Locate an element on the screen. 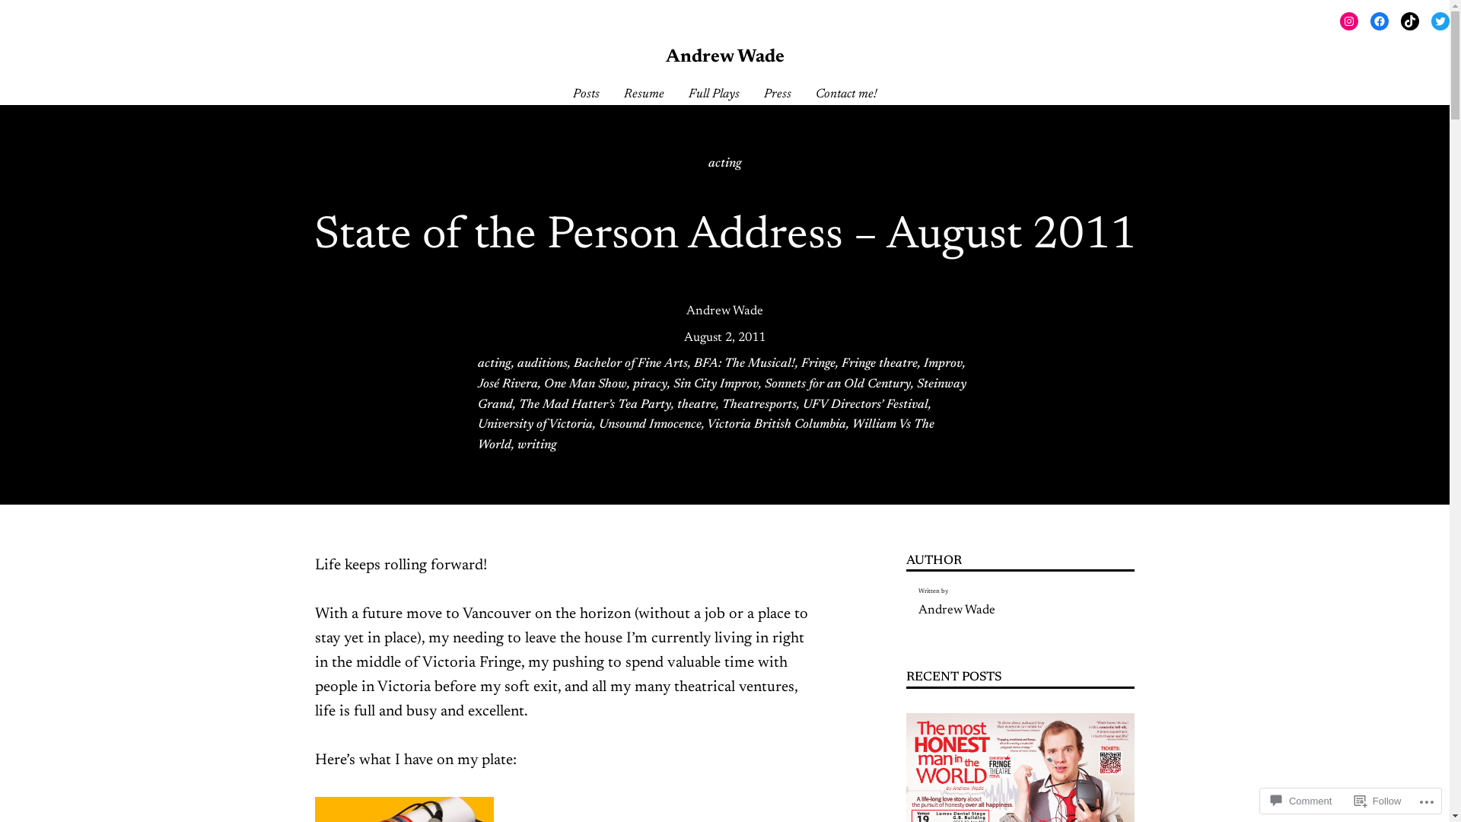  'Resume' is located at coordinates (644, 94).